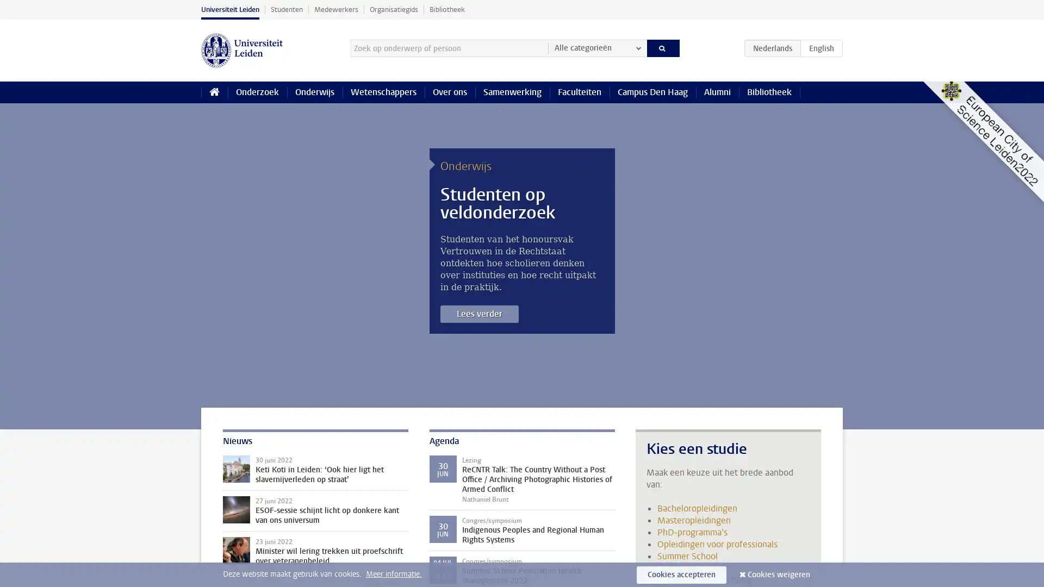 The width and height of the screenshot is (1044, 587). Describe the element at coordinates (681, 574) in the screenshot. I see `Cookies accepteren` at that location.